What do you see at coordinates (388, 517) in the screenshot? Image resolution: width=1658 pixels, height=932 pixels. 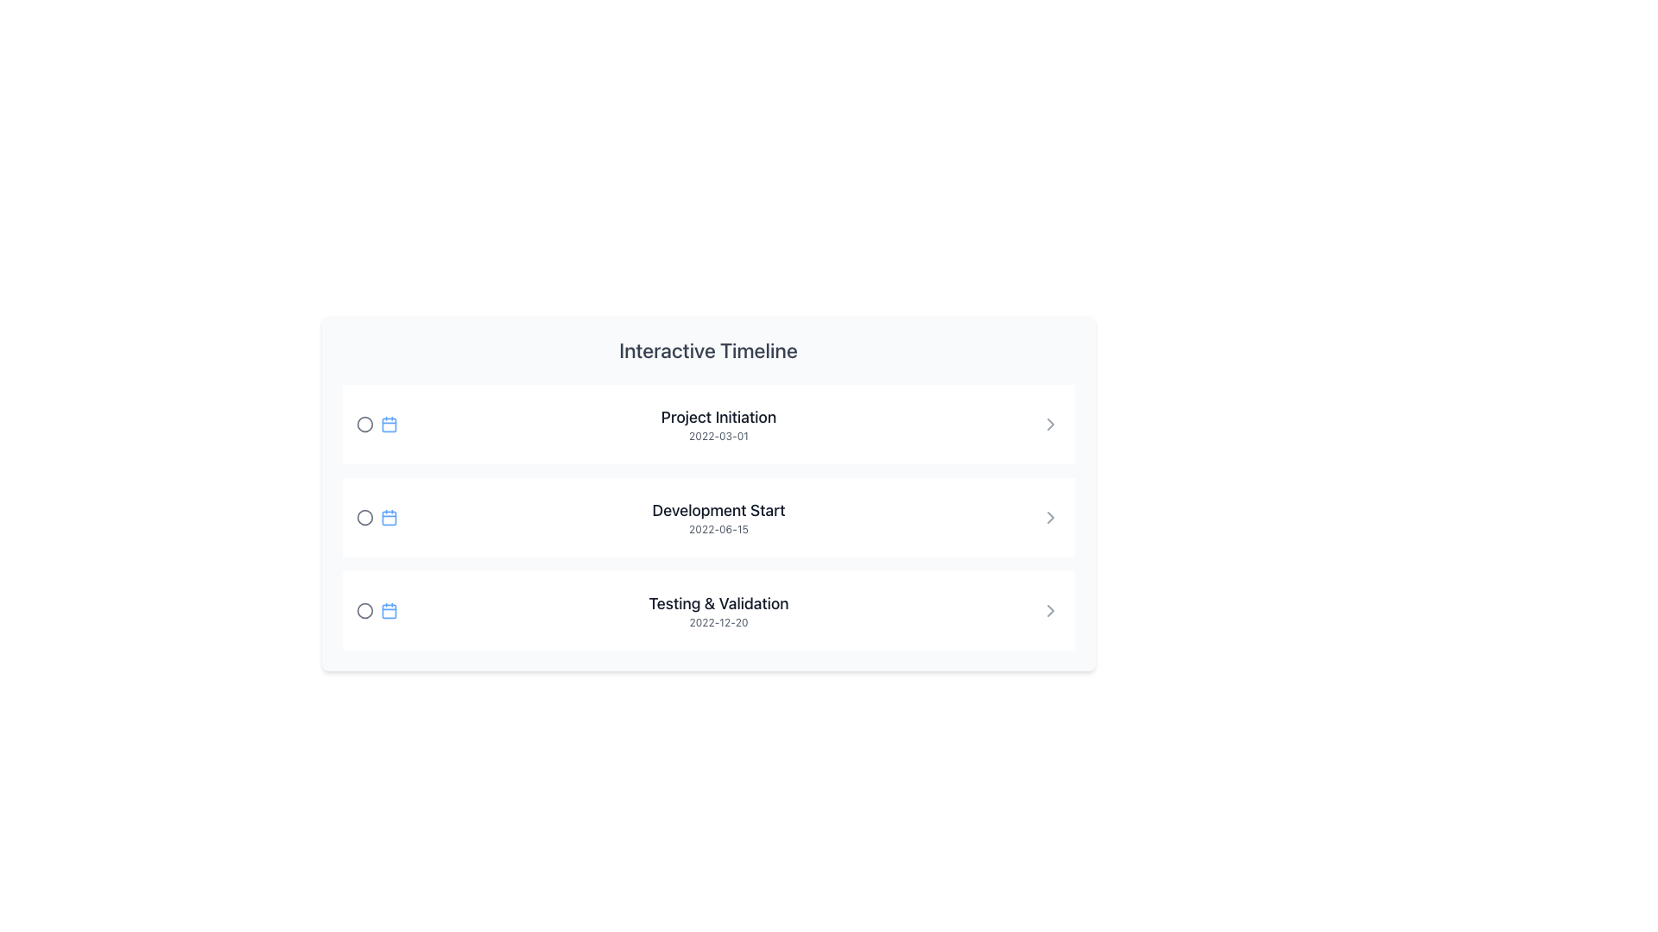 I see `the inner rectangle of the small blue calendar icon in the second row, which represents 'Development Start, 2022-06-15'` at bounding box center [388, 517].